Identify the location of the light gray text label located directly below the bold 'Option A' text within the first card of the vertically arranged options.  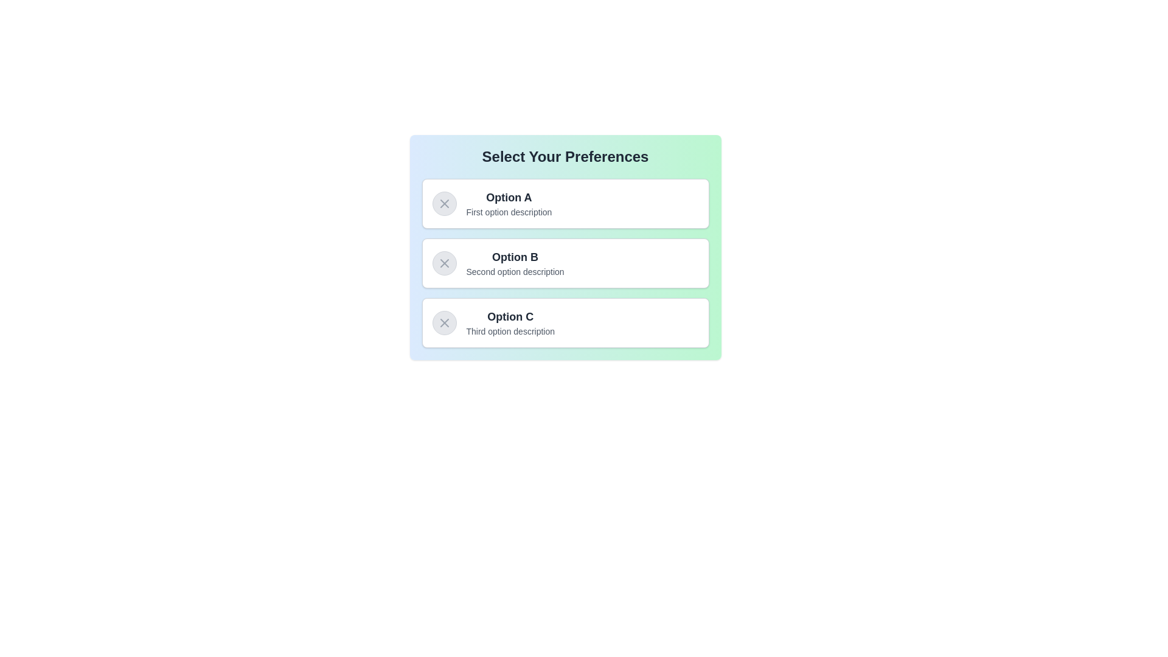
(509, 211).